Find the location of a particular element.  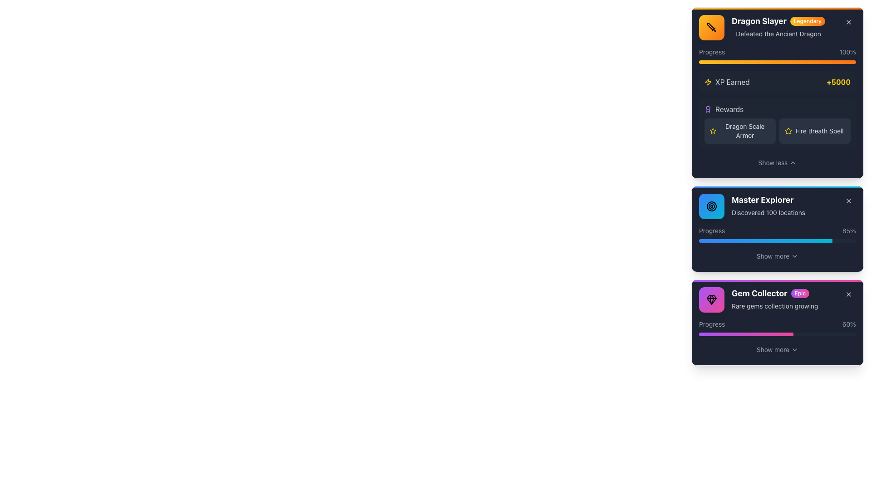

the decorative progress or header bar element, which is a thin rectangular gradient line transitioning from blue to cyan, located at the top of the 'Master Explorer' card is located at coordinates (777, 186).